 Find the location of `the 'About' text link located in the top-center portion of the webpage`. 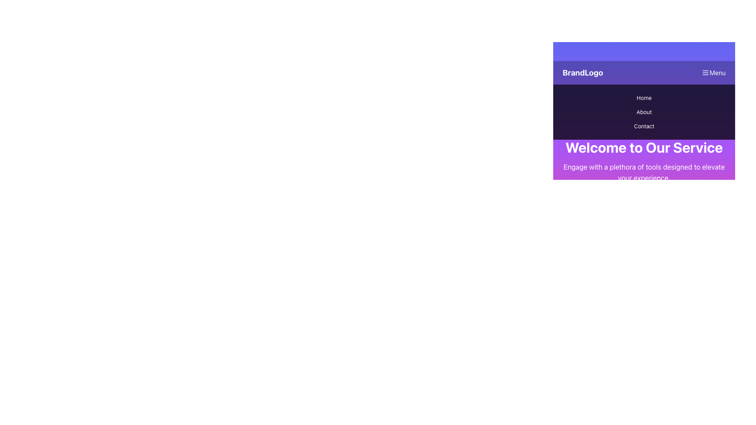

the 'About' text link located in the top-center portion of the webpage is located at coordinates (644, 112).